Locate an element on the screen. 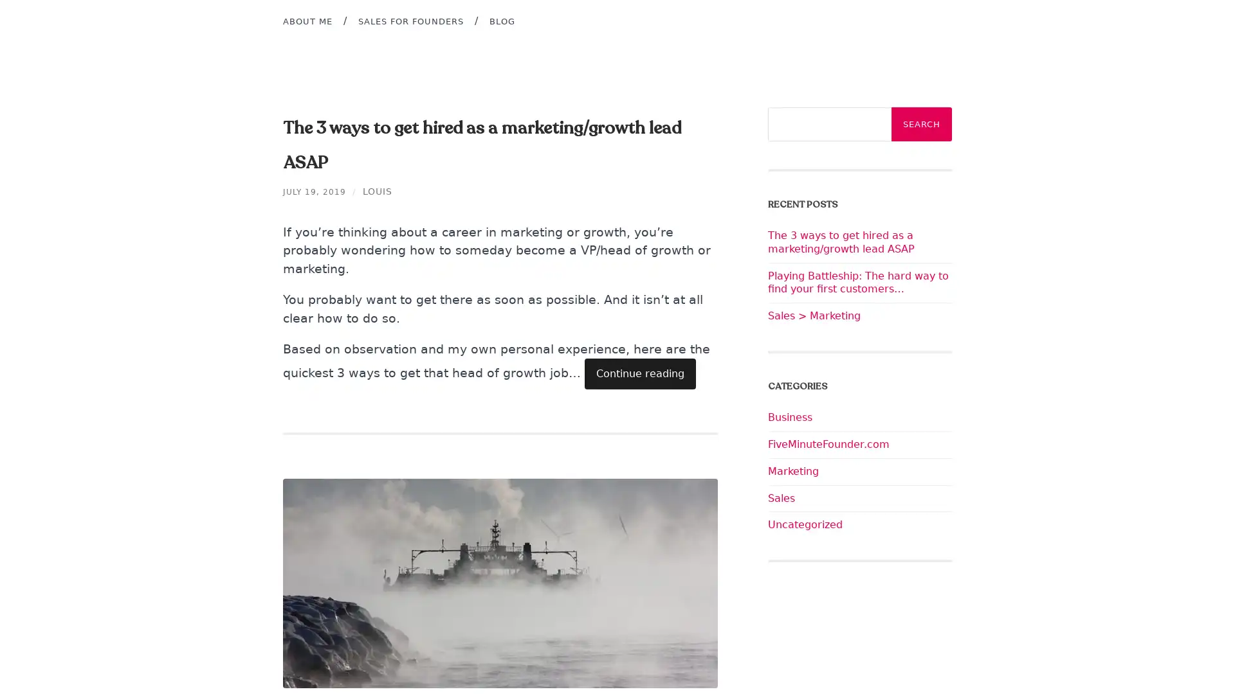 The width and height of the screenshot is (1235, 694). Search is located at coordinates (921, 124).